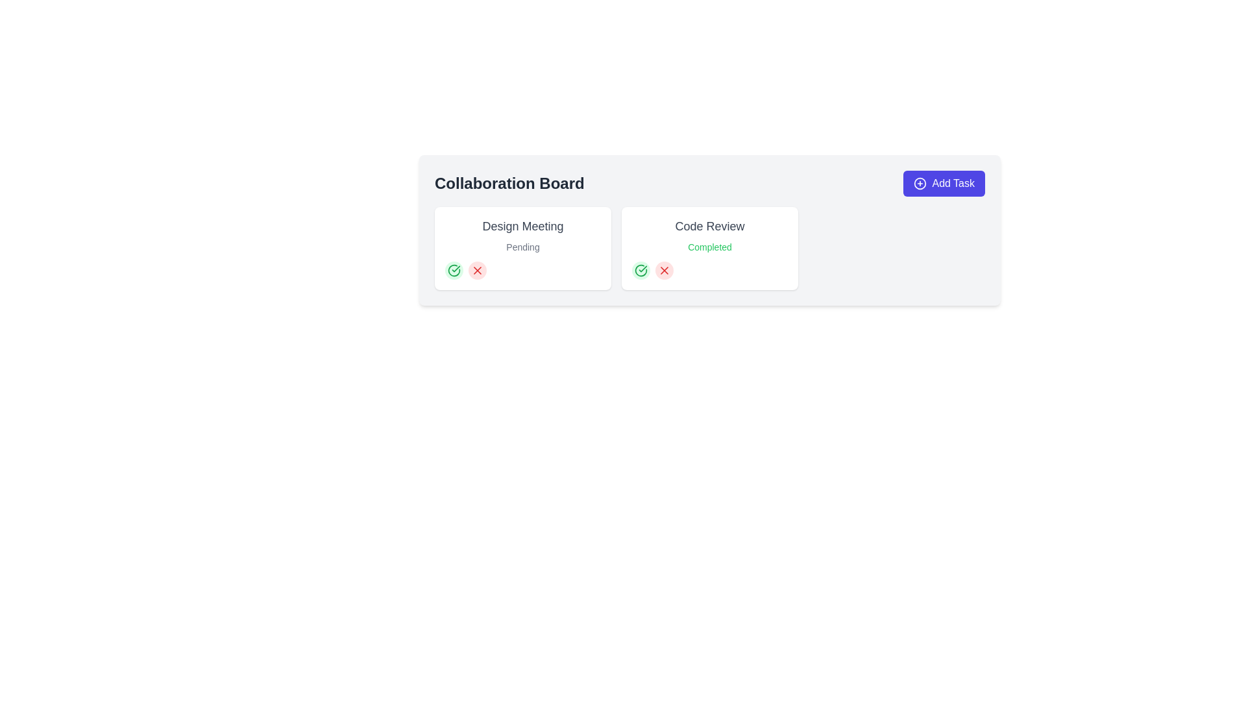 The width and height of the screenshot is (1246, 701). What do you see at coordinates (944, 183) in the screenshot?
I see `the 'Add New Task' button located in the upper right section of the 'Collaboration Board', positioned next to task information` at bounding box center [944, 183].